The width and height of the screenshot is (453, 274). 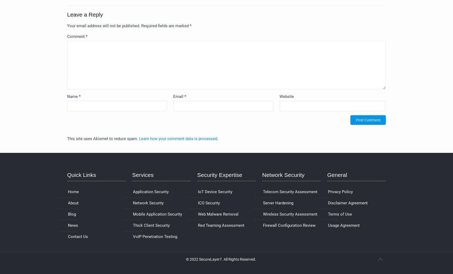 What do you see at coordinates (290, 214) in the screenshot?
I see `'Wireless Security Assessment'` at bounding box center [290, 214].